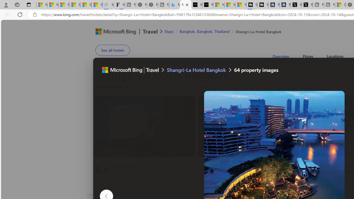 This screenshot has width=354, height=199. Describe the element at coordinates (174, 5) in the screenshot. I see `'Microsoft Bing Travel - Stays in Bangkok, Bangkok, Thailand'` at that location.